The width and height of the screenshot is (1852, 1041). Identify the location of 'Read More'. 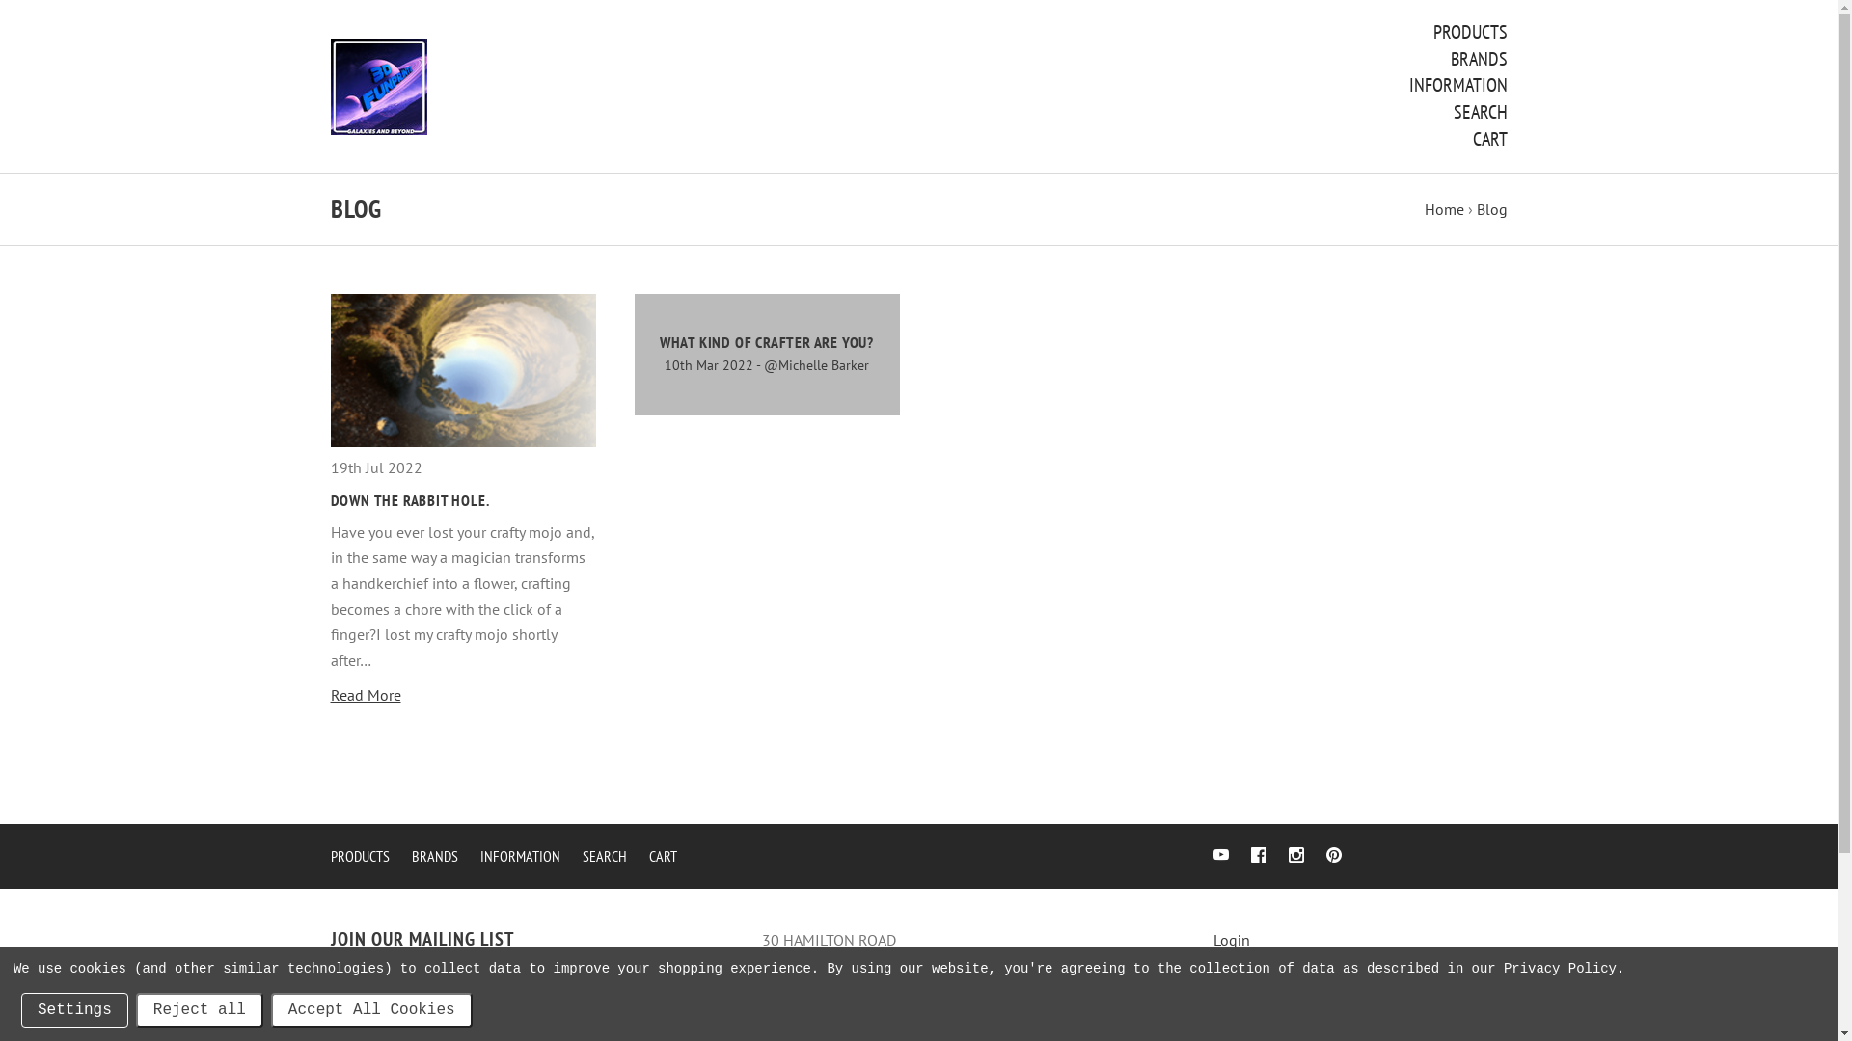
(365, 695).